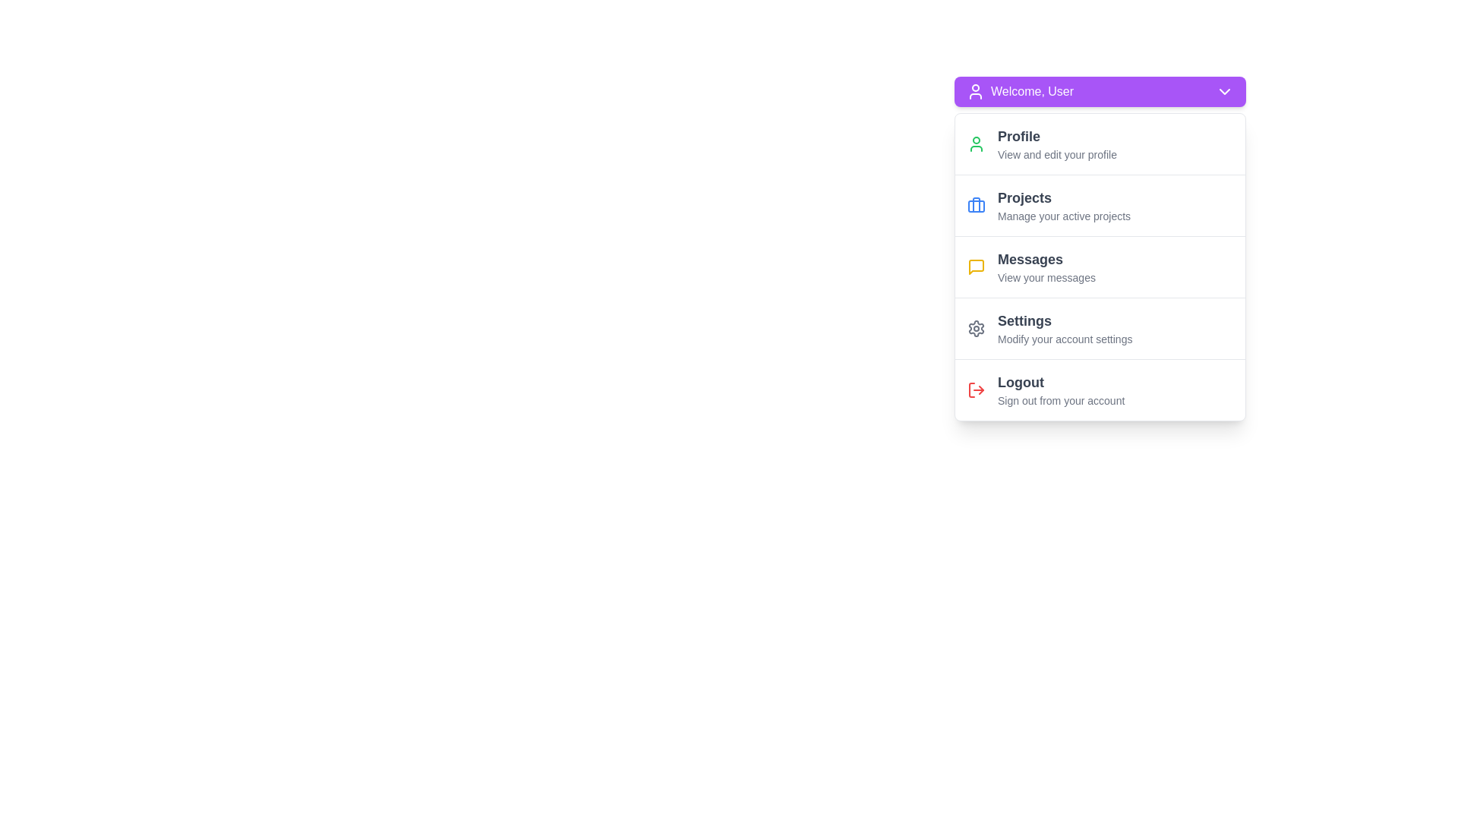 The image size is (1458, 820). I want to click on the Informational button labeled 'Profile' with the description 'View and edit your profile', so click(1056, 143).